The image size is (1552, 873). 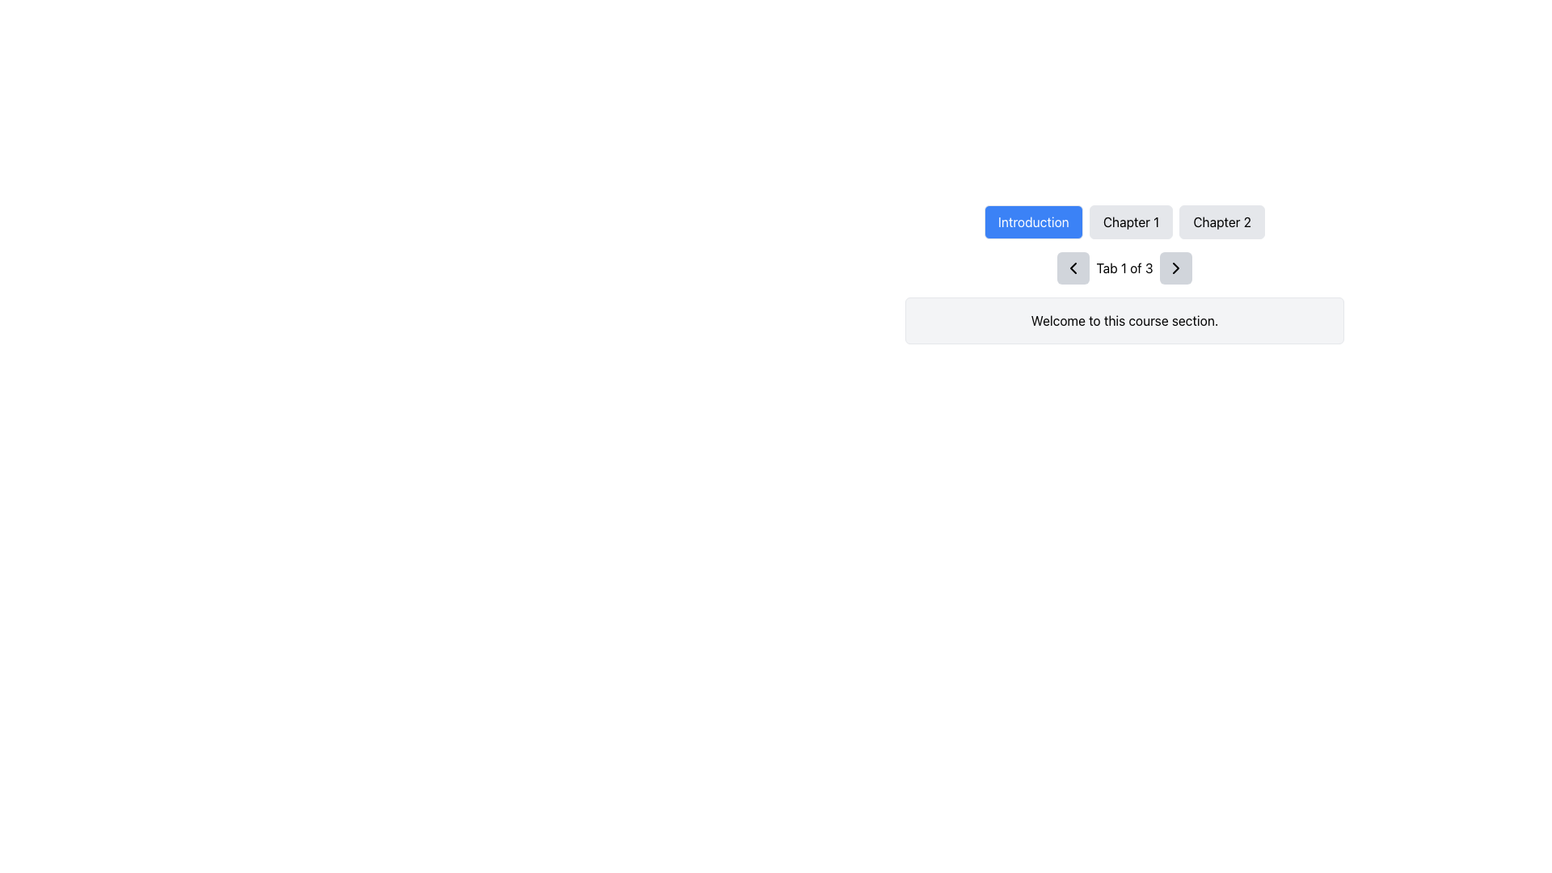 I want to click on the navigation button in the top middle region of the interface, so click(x=1124, y=221).